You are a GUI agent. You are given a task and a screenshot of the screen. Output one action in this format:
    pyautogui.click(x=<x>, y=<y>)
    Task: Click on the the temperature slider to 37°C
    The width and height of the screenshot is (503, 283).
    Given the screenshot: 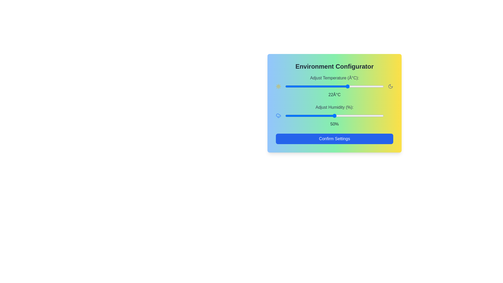 What is the action you would take?
    pyautogui.click(x=378, y=86)
    